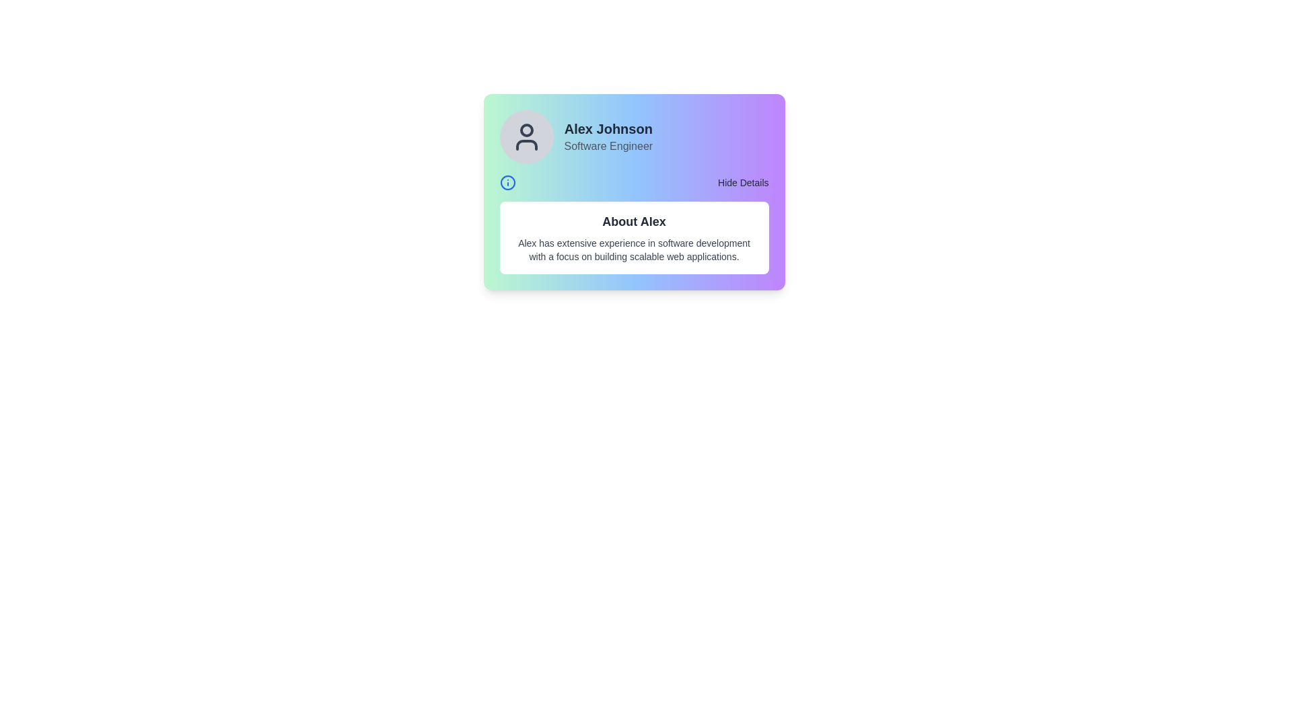 This screenshot has width=1292, height=726. What do you see at coordinates (633, 249) in the screenshot?
I see `static text paragraph that provides descriptive information about Alex's professional experience, located within the 'About Alex' section of the card component` at bounding box center [633, 249].